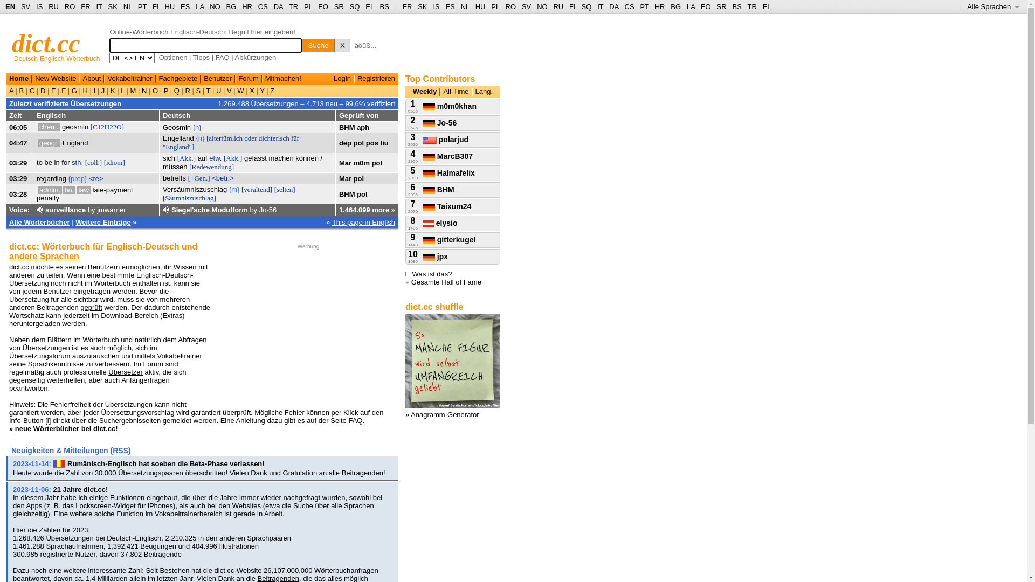  What do you see at coordinates (675, 6) in the screenshot?
I see `'BG'` at bounding box center [675, 6].